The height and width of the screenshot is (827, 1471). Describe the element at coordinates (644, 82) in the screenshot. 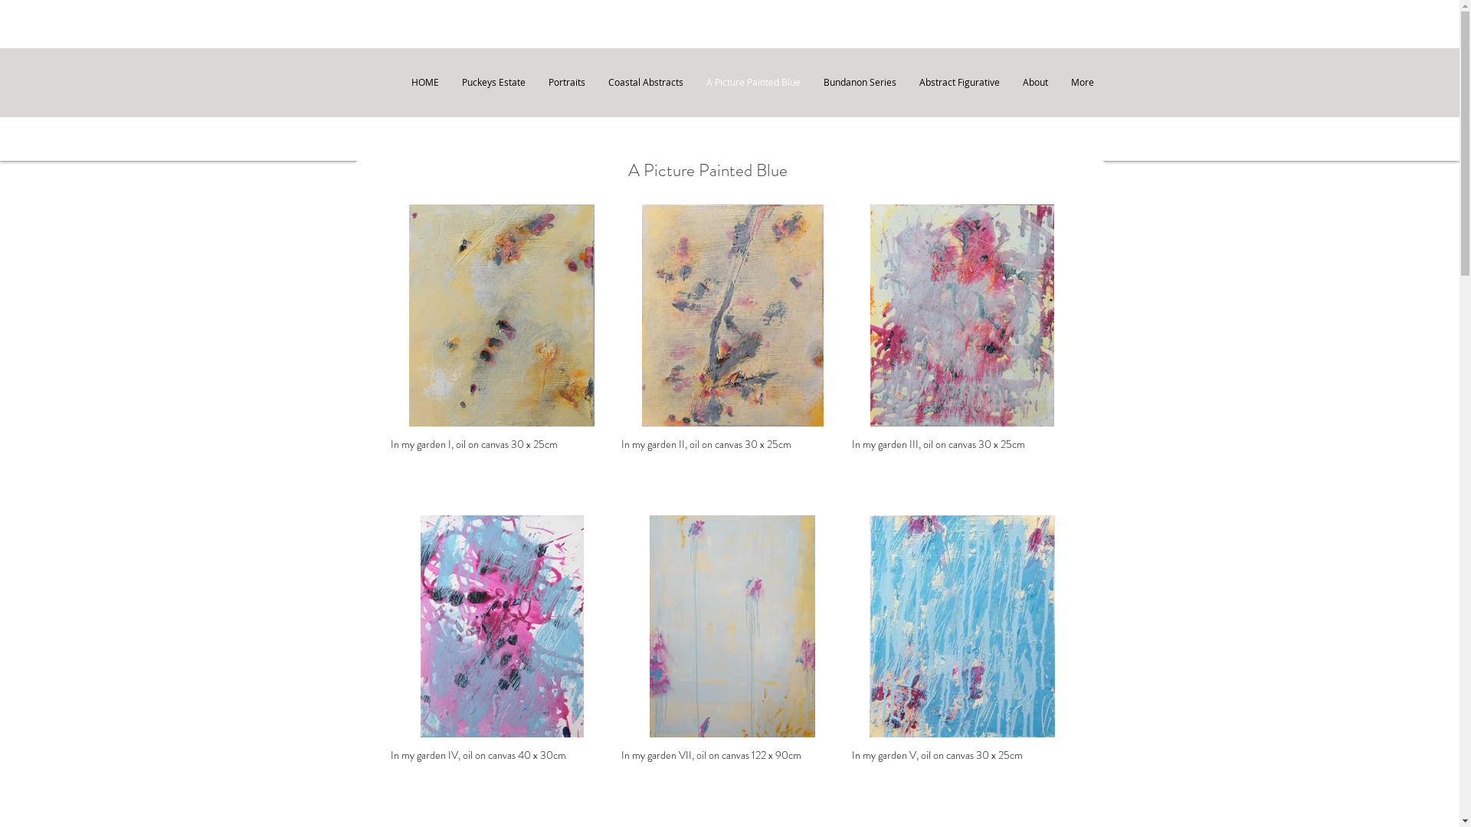

I see `'Coastal Abstracts'` at that location.